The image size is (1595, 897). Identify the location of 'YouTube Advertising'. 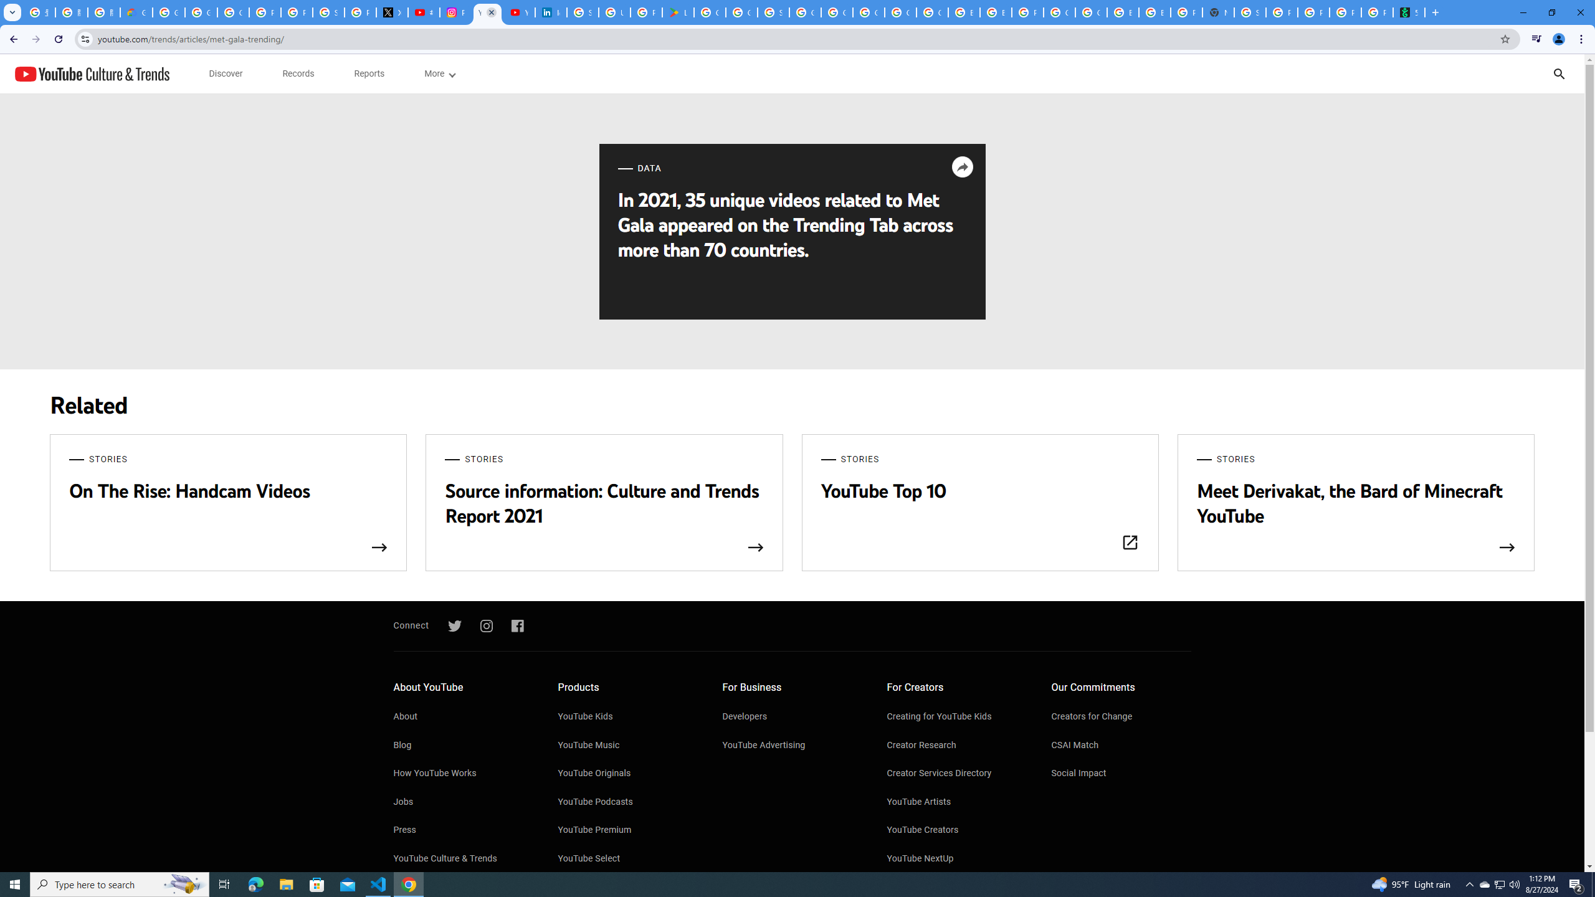
(792, 746).